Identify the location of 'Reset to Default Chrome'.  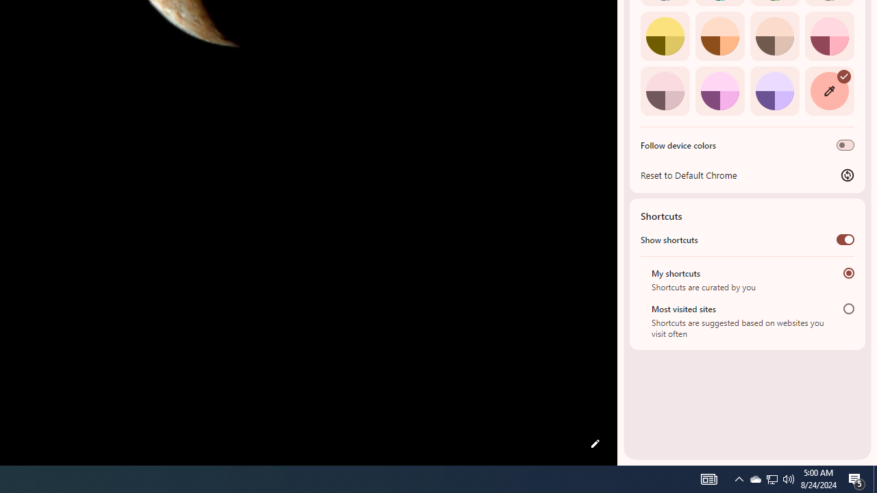
(747, 174).